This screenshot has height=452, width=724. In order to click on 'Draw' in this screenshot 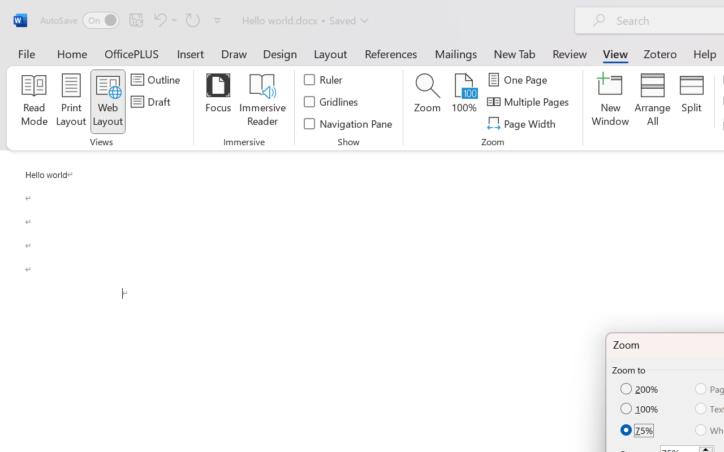, I will do `click(234, 53)`.